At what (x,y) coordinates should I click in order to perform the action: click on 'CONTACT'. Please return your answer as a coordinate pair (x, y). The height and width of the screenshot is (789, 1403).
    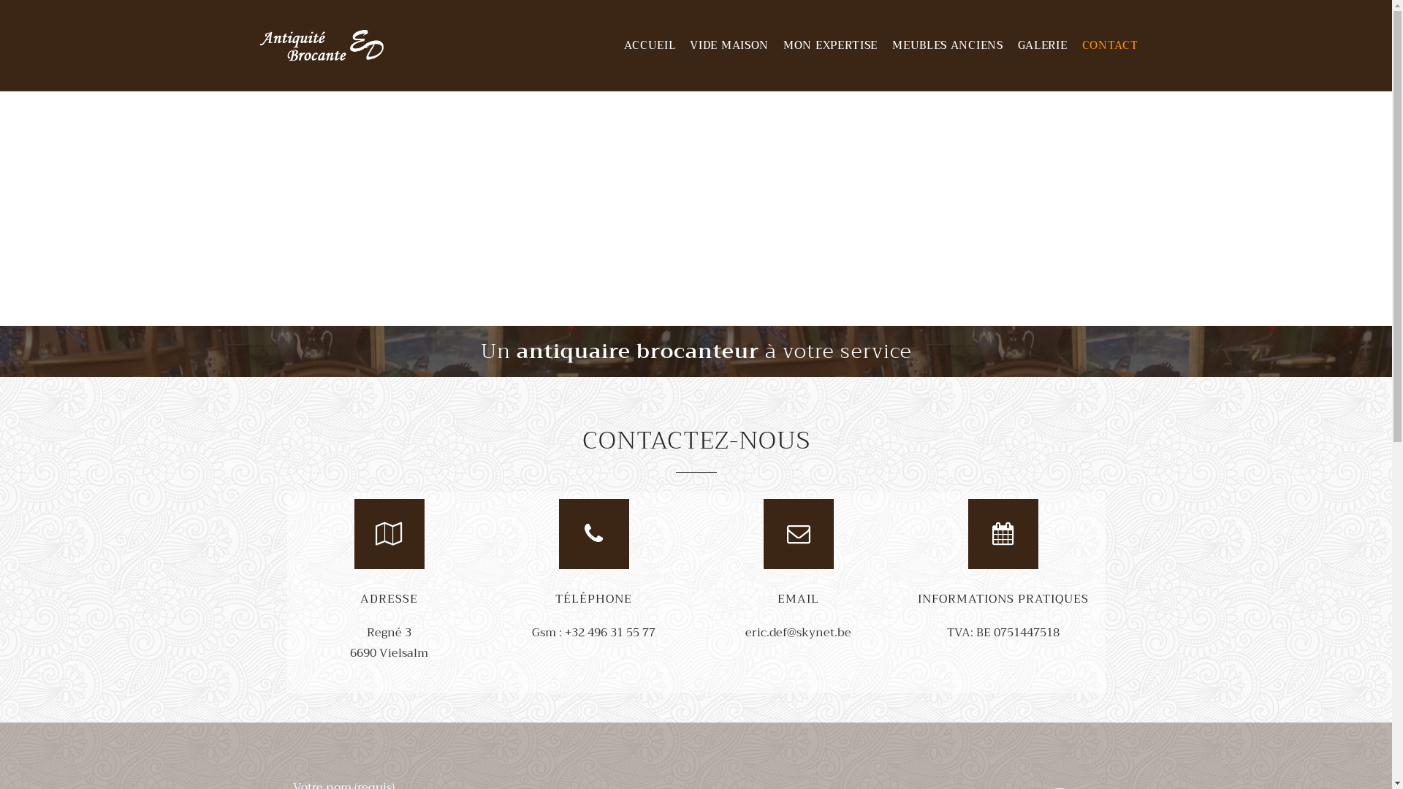
    Looking at the image, I should click on (1110, 45).